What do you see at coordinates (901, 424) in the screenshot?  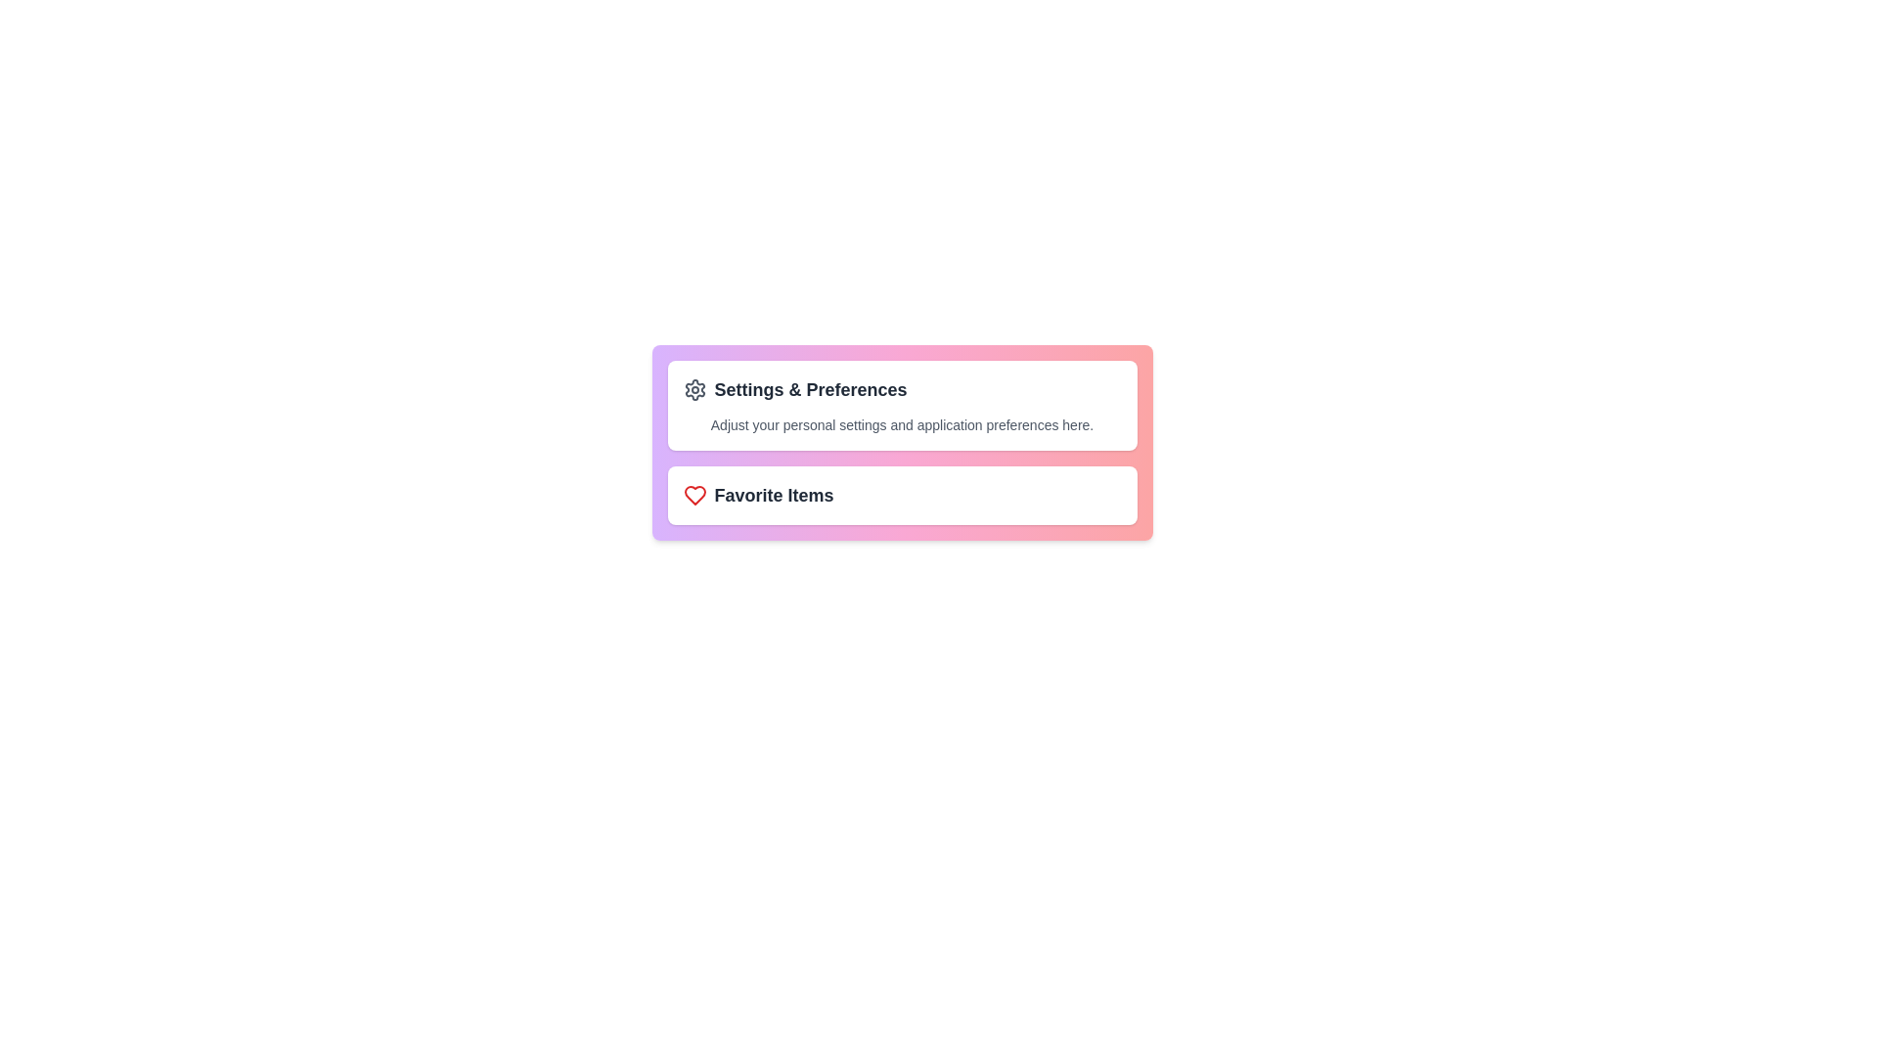 I see `the Static Informational Text that describes the purpose of the 'Settings & Preferences' section, which is centrally aligned and positioned just below the main header text and icon` at bounding box center [901, 424].